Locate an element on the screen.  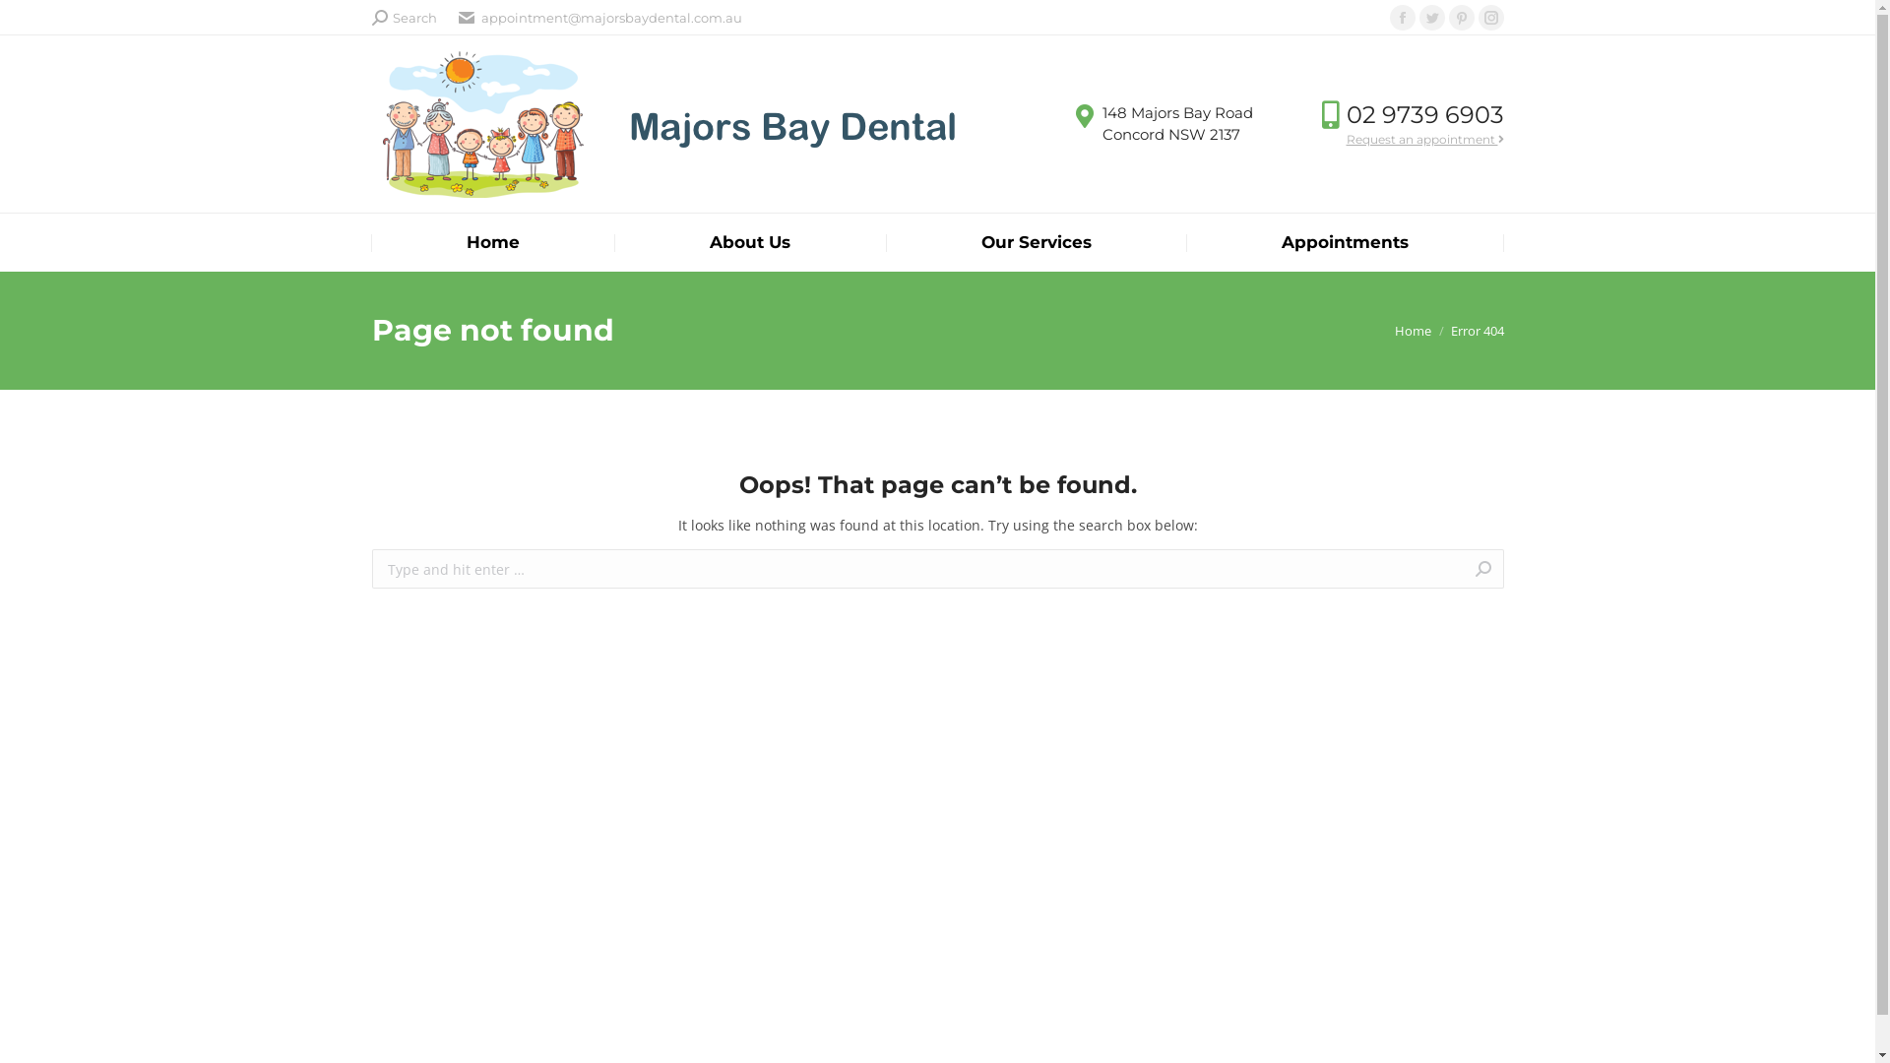
'Appointments' is located at coordinates (1344, 241).